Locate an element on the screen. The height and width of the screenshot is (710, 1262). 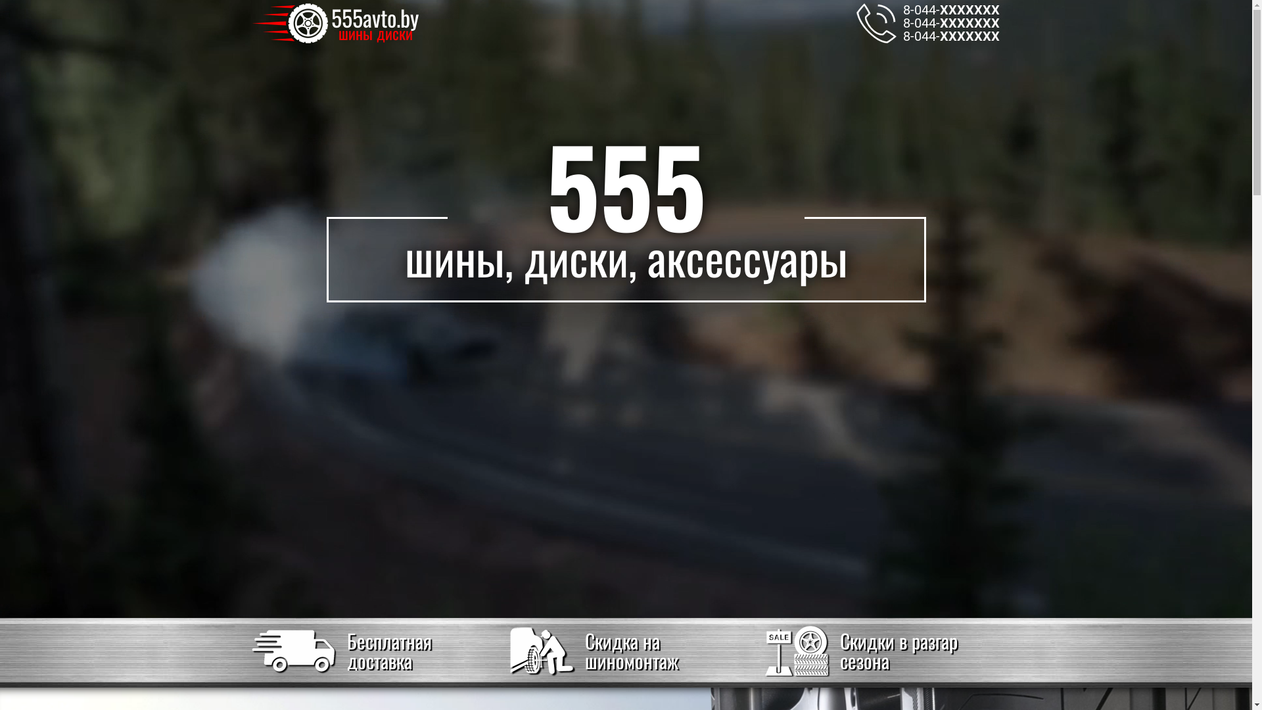
'8-044-XXXXXXX' is located at coordinates (951, 10).